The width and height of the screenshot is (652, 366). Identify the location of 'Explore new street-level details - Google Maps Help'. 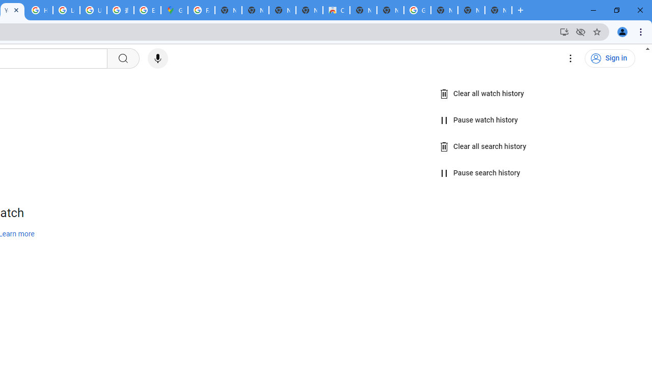
(147, 10).